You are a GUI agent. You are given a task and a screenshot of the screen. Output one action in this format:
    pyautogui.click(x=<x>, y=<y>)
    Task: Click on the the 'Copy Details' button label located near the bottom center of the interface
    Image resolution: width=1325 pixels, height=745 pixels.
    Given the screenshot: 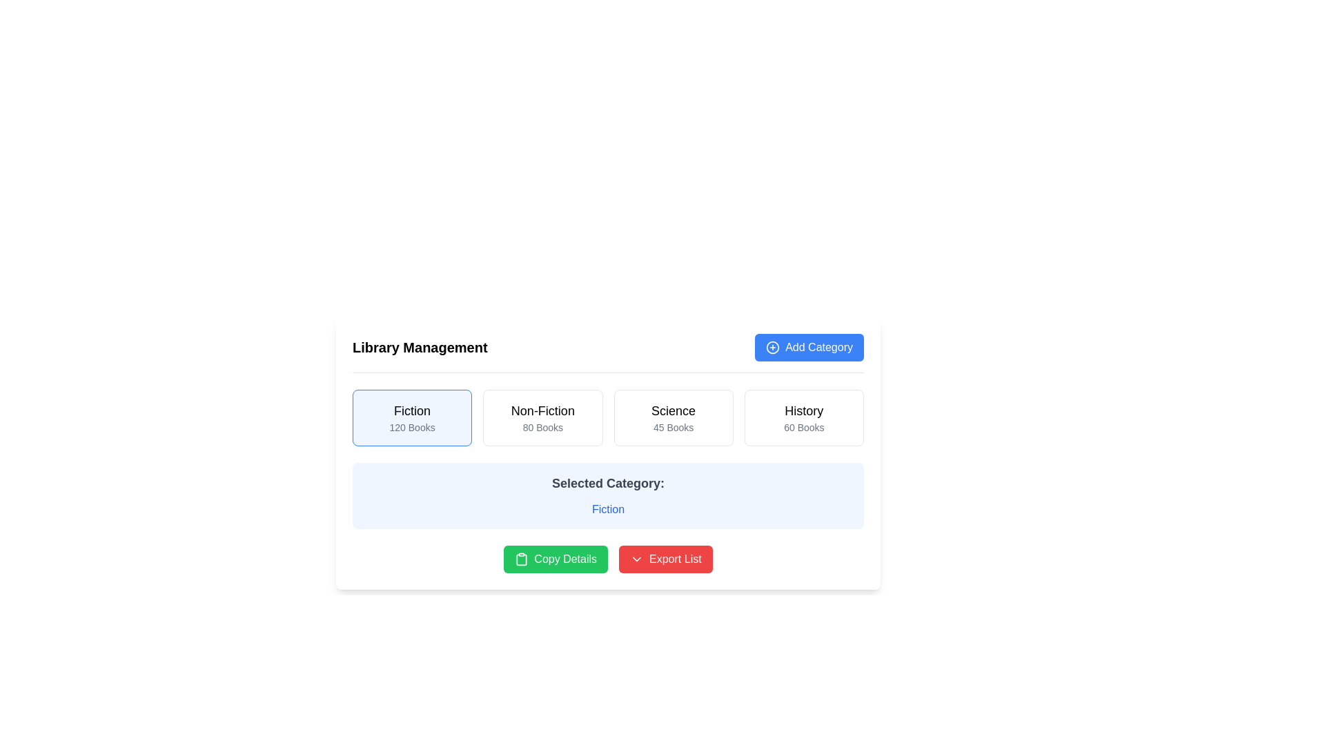 What is the action you would take?
    pyautogui.click(x=565, y=559)
    